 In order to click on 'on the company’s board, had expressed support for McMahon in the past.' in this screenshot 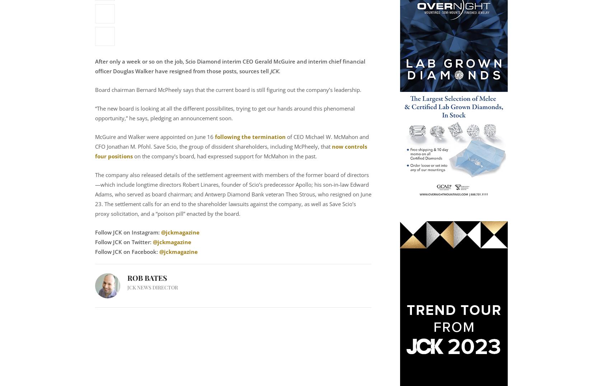, I will do `click(132, 155)`.